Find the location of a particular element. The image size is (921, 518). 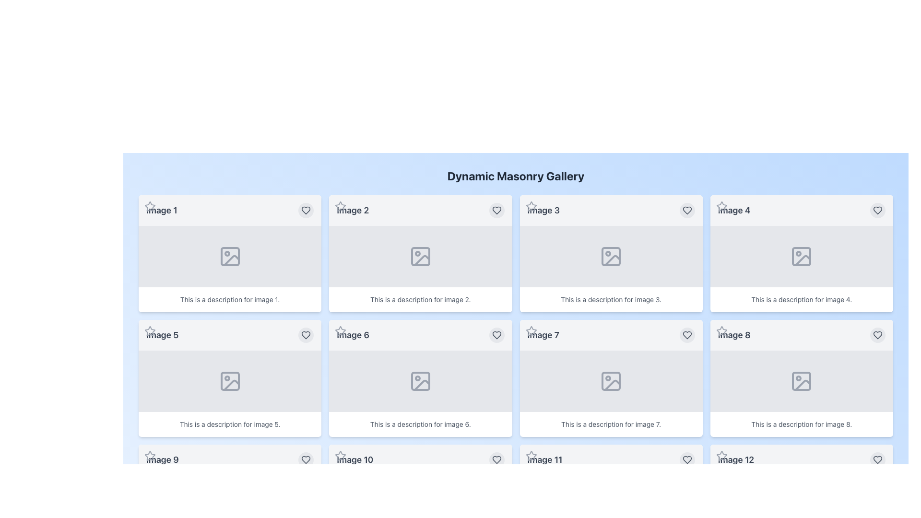

the text block element displaying 'This is a description for image 5.' located at the bottom of the card labeled 'Image 5' is located at coordinates (229, 424).